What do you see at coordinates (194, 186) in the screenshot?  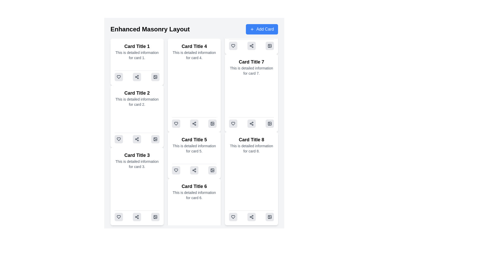 I see `the Text Label element that serves as the title for 'Card Title 6', which is located in the middle column of the grid layout` at bounding box center [194, 186].